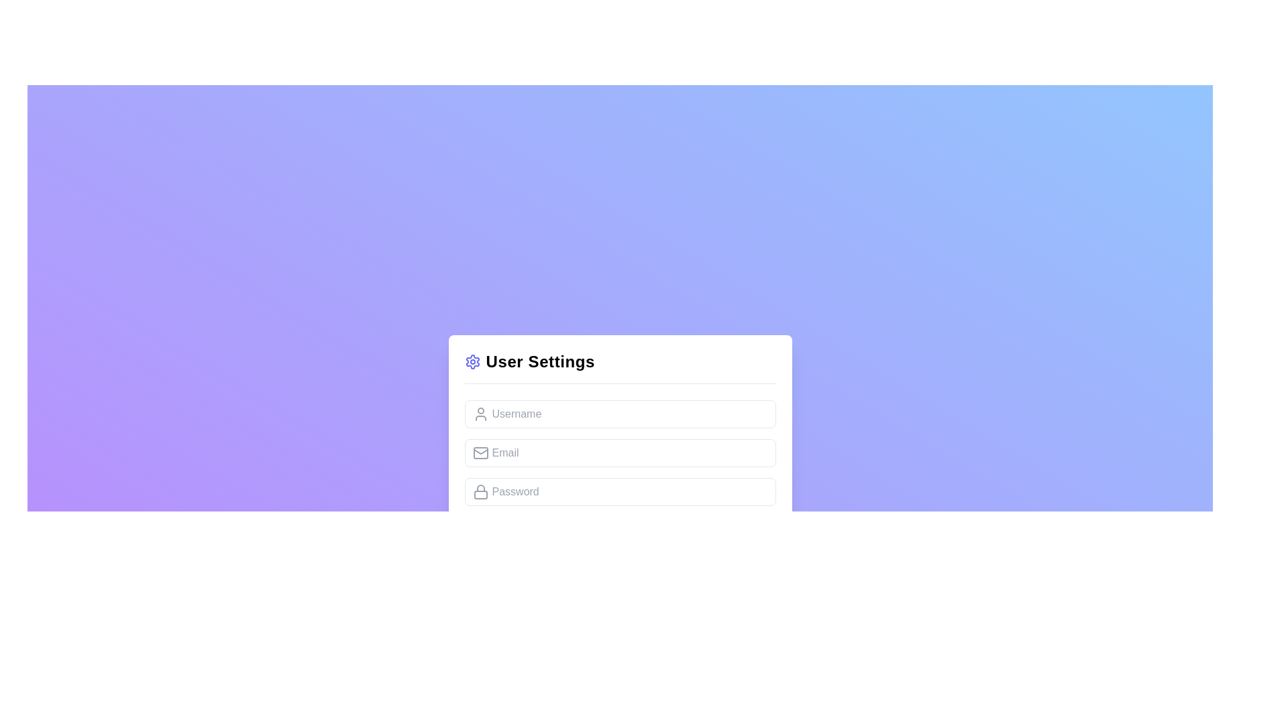 The image size is (1288, 724). What do you see at coordinates (472, 361) in the screenshot?
I see `the user settings icon located at the top-left corner of the 'User Settings' section, preceding the title text` at bounding box center [472, 361].